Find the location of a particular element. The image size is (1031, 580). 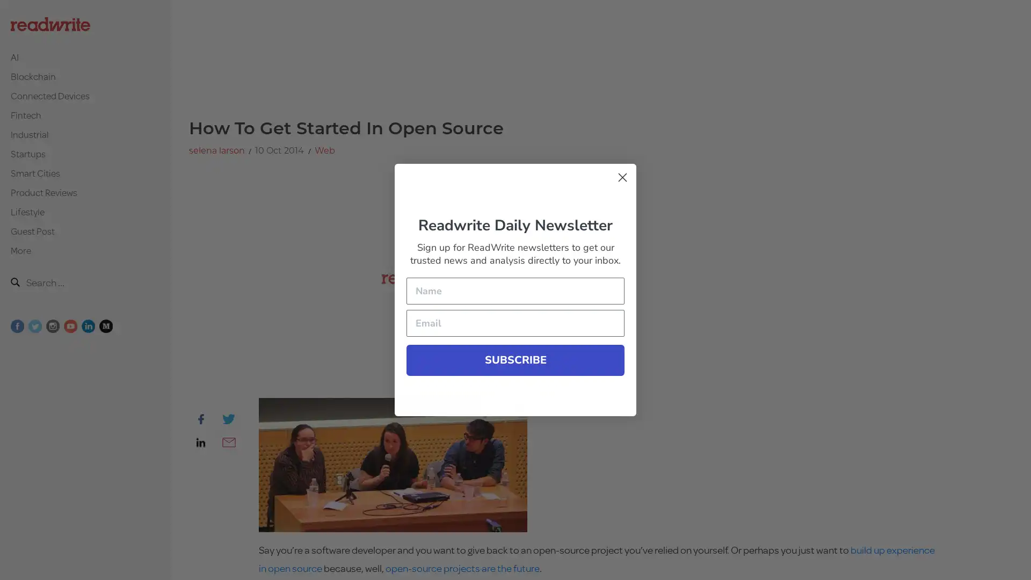

Submit is located at coordinates (933, 515).